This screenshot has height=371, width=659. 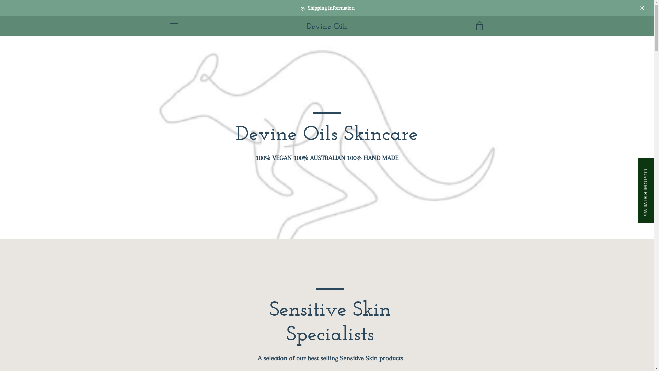 What do you see at coordinates (174, 26) in the screenshot?
I see `'MENU'` at bounding box center [174, 26].